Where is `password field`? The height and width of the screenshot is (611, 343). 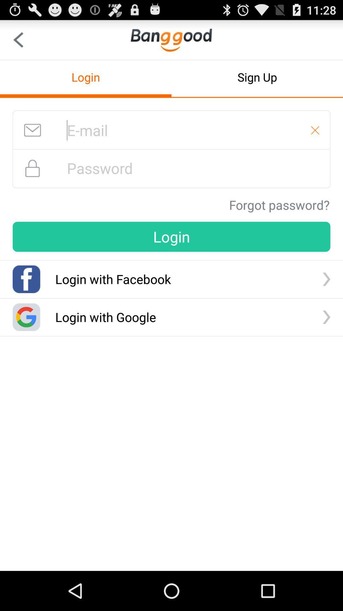
password field is located at coordinates (171, 168).